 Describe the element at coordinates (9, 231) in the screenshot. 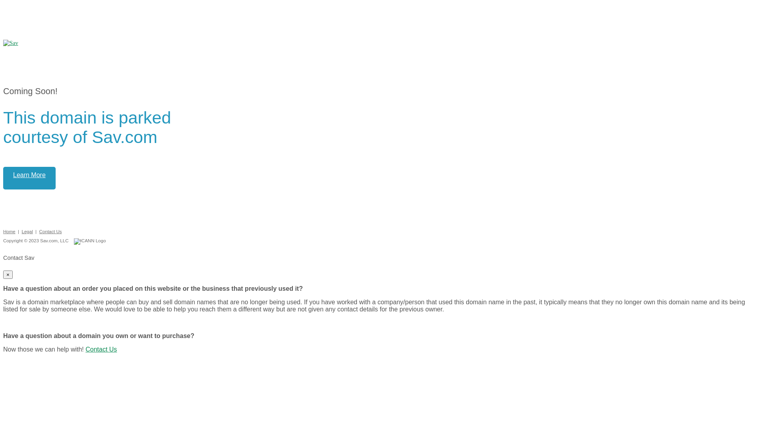

I see `'Home'` at that location.